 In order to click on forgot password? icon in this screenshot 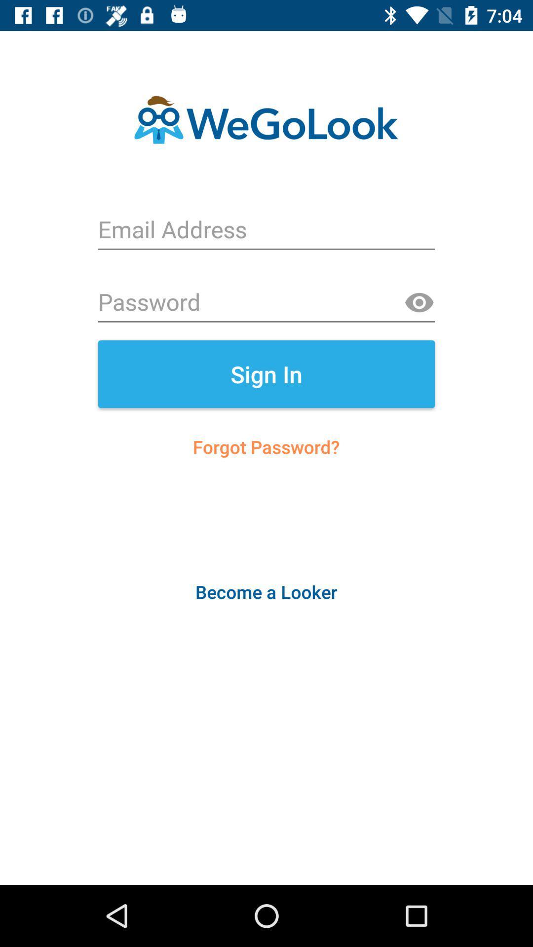, I will do `click(266, 446)`.